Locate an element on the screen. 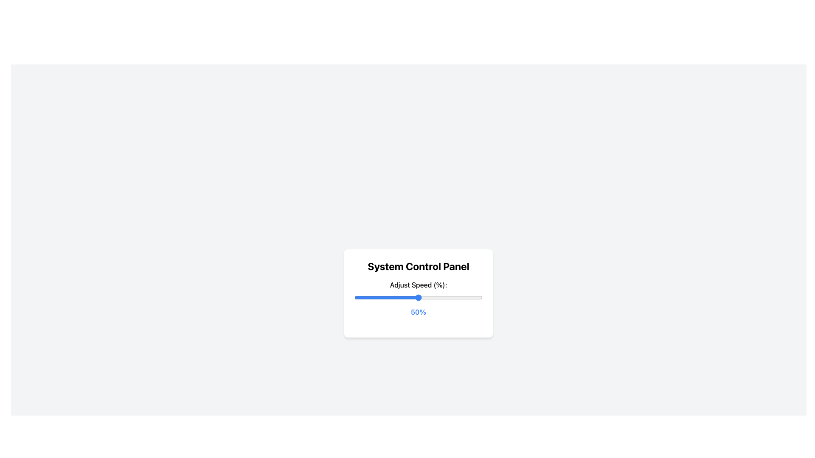 This screenshot has width=815, height=458. the slider value is located at coordinates (450, 297).